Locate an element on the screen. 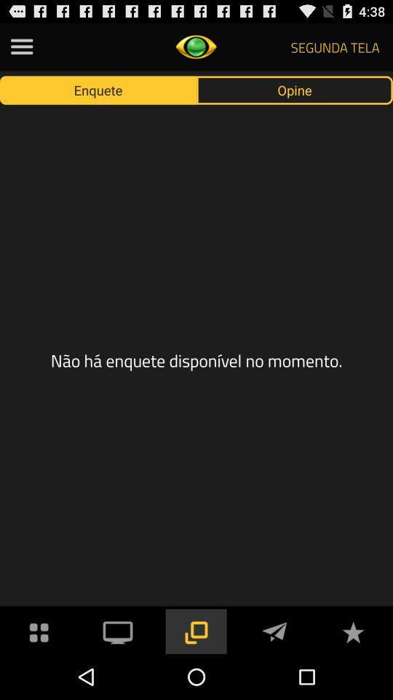  this is the settings button for the app is located at coordinates (21, 47).